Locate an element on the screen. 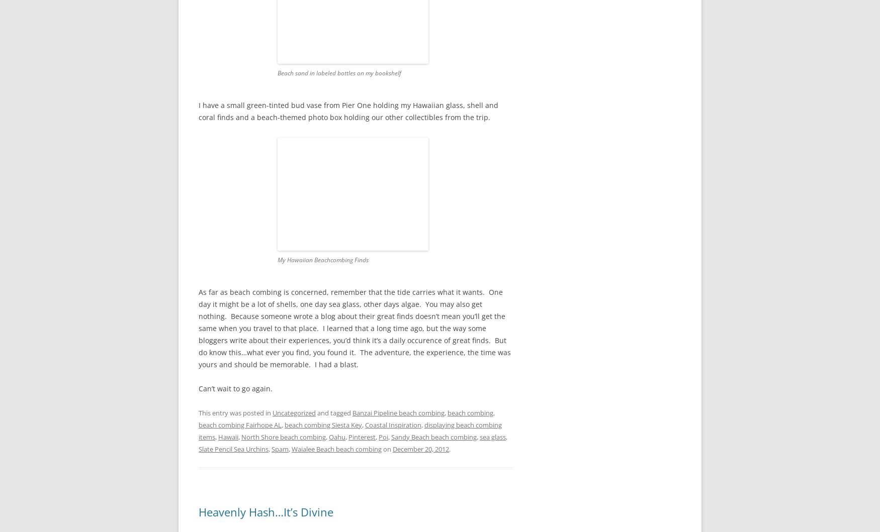 The height and width of the screenshot is (532, 880). 'beach combing' is located at coordinates (470, 412).